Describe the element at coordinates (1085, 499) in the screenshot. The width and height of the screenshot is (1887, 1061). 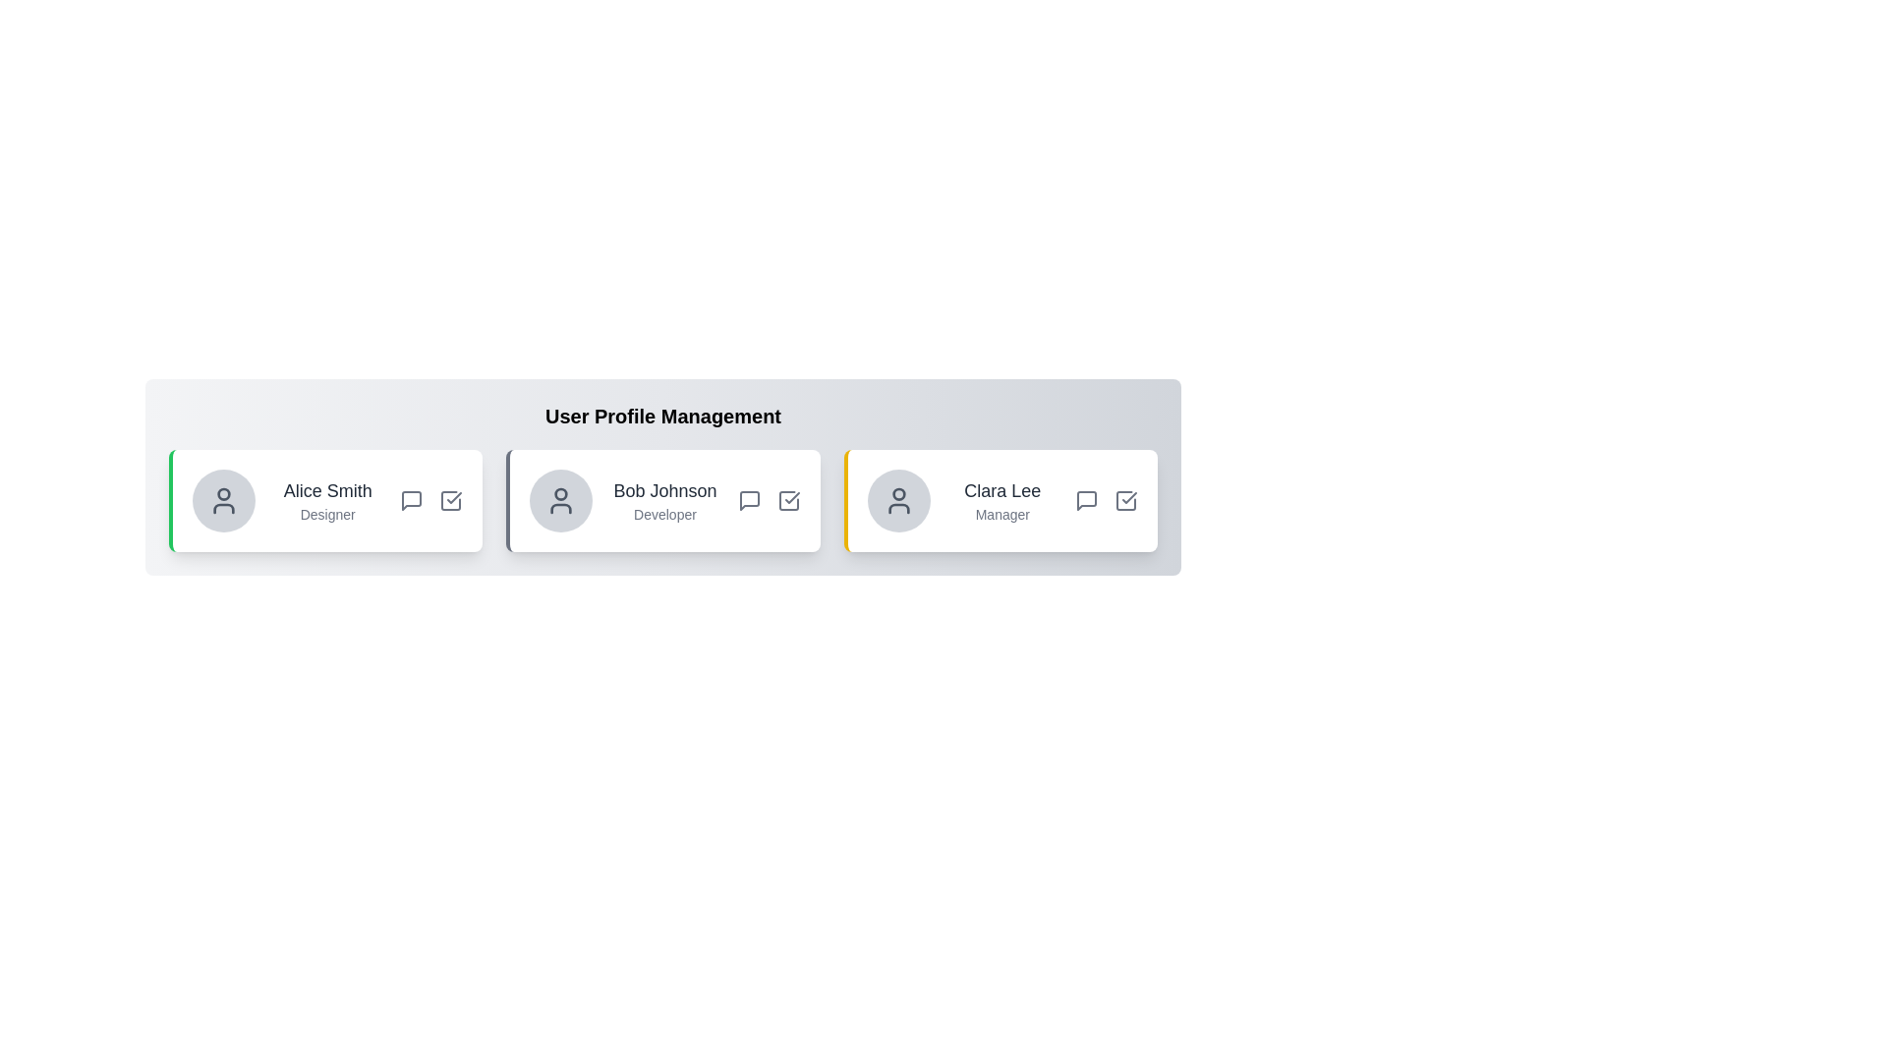
I see `the button for initiating a message related to Clara Lee, which is the second icon in the action icons row of the profile card highlighted with a yellow border` at that location.